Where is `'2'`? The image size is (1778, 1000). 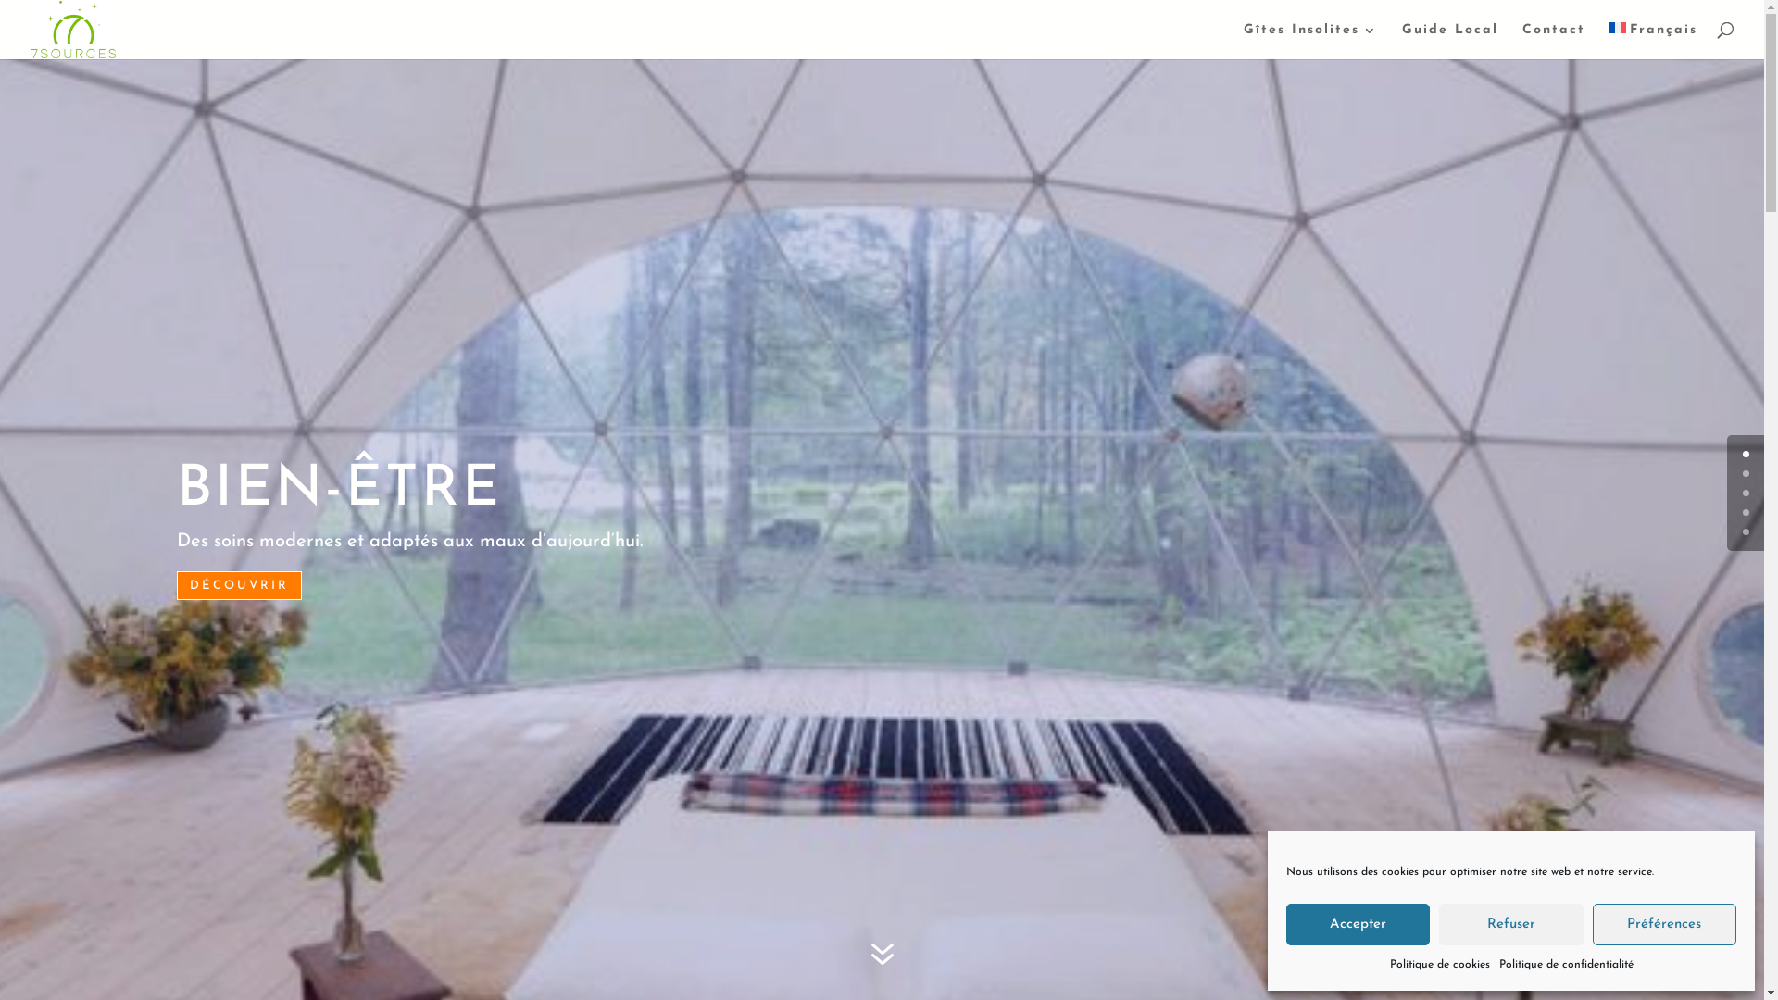
'2' is located at coordinates (1741, 492).